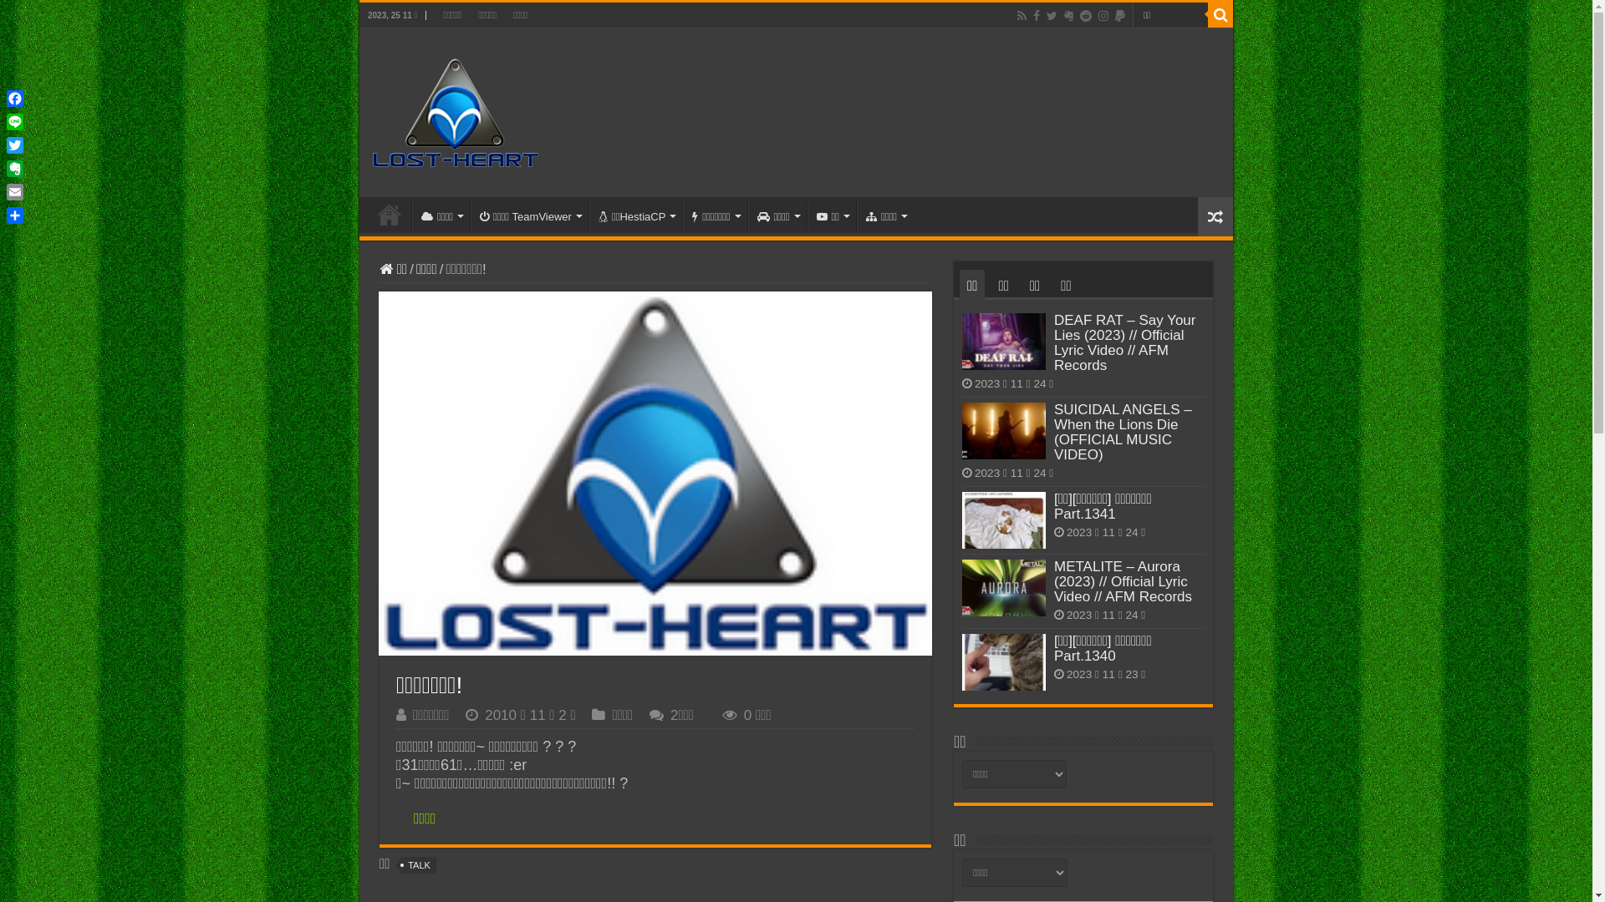 Image resolution: width=1605 pixels, height=902 pixels. Describe the element at coordinates (1103, 16) in the screenshot. I see `'instagram'` at that location.